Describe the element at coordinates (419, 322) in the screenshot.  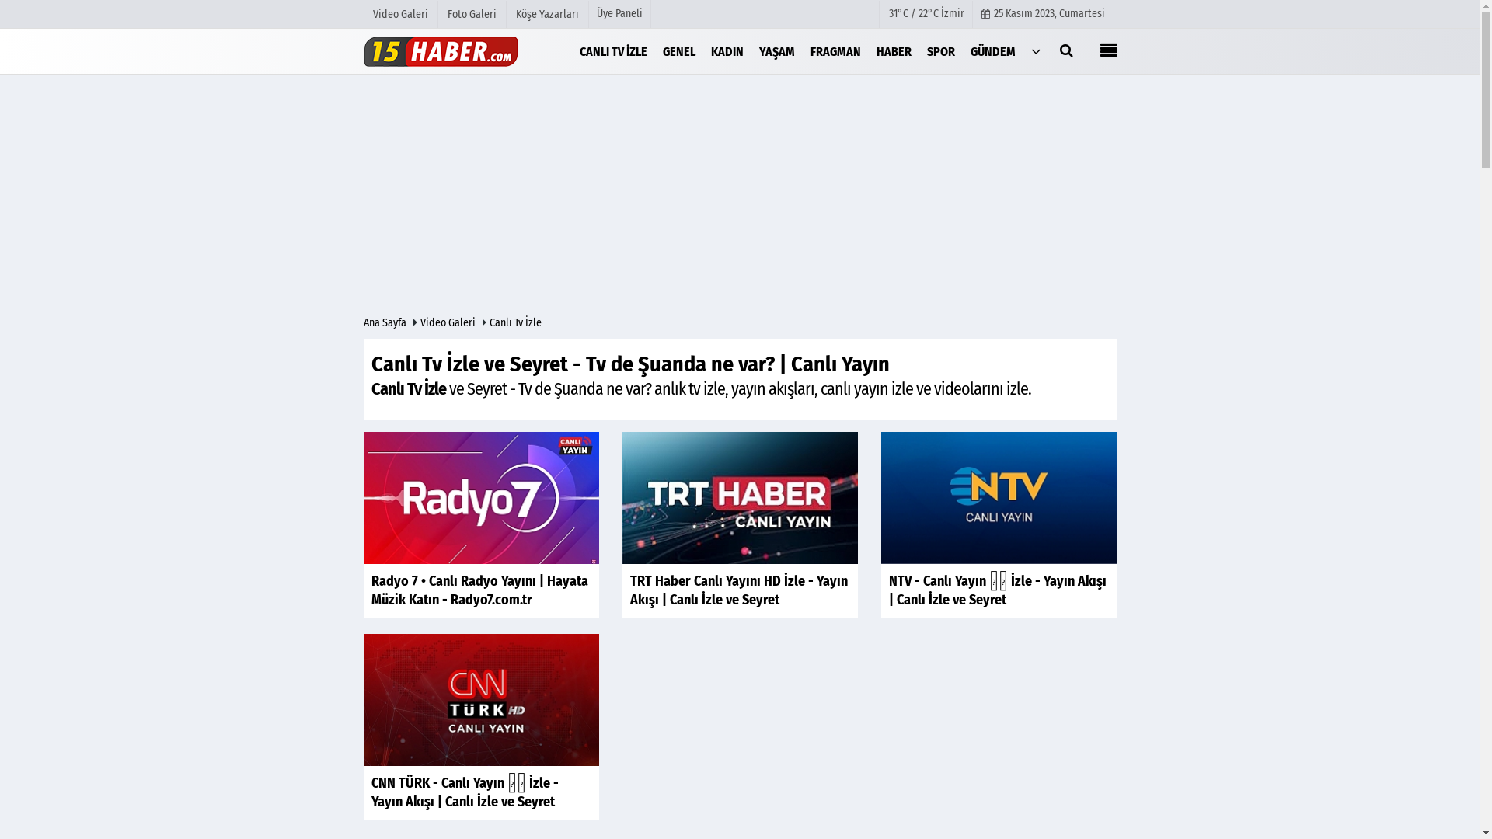
I see `'Video Galeri'` at that location.